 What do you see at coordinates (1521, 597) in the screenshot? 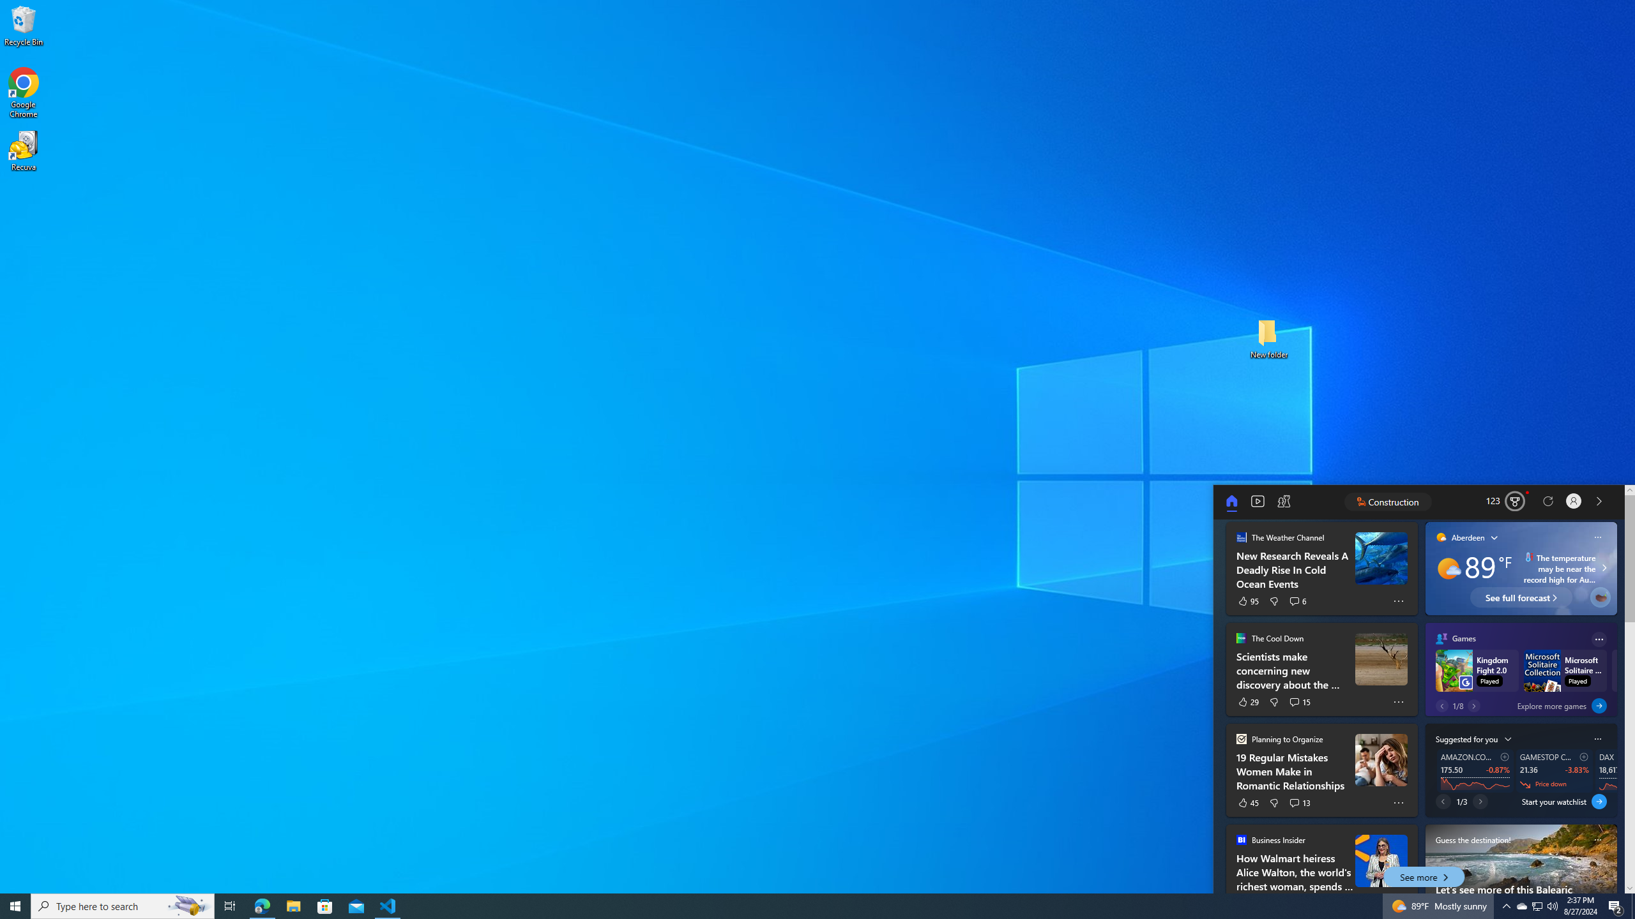
I see `'See full forecast'` at bounding box center [1521, 597].